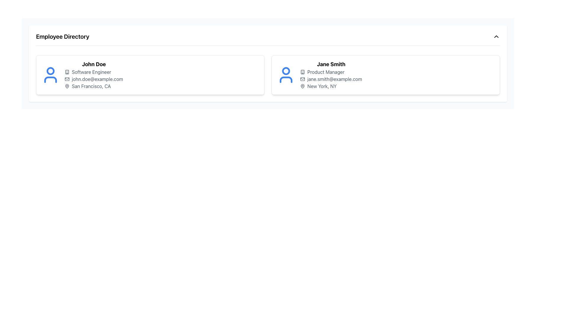 This screenshot has height=319, width=568. I want to click on the mail icon located adjacent to the email text 'john.doe@example.com' in the employee information card for 'John Doe' through accessibility actions, so click(67, 79).